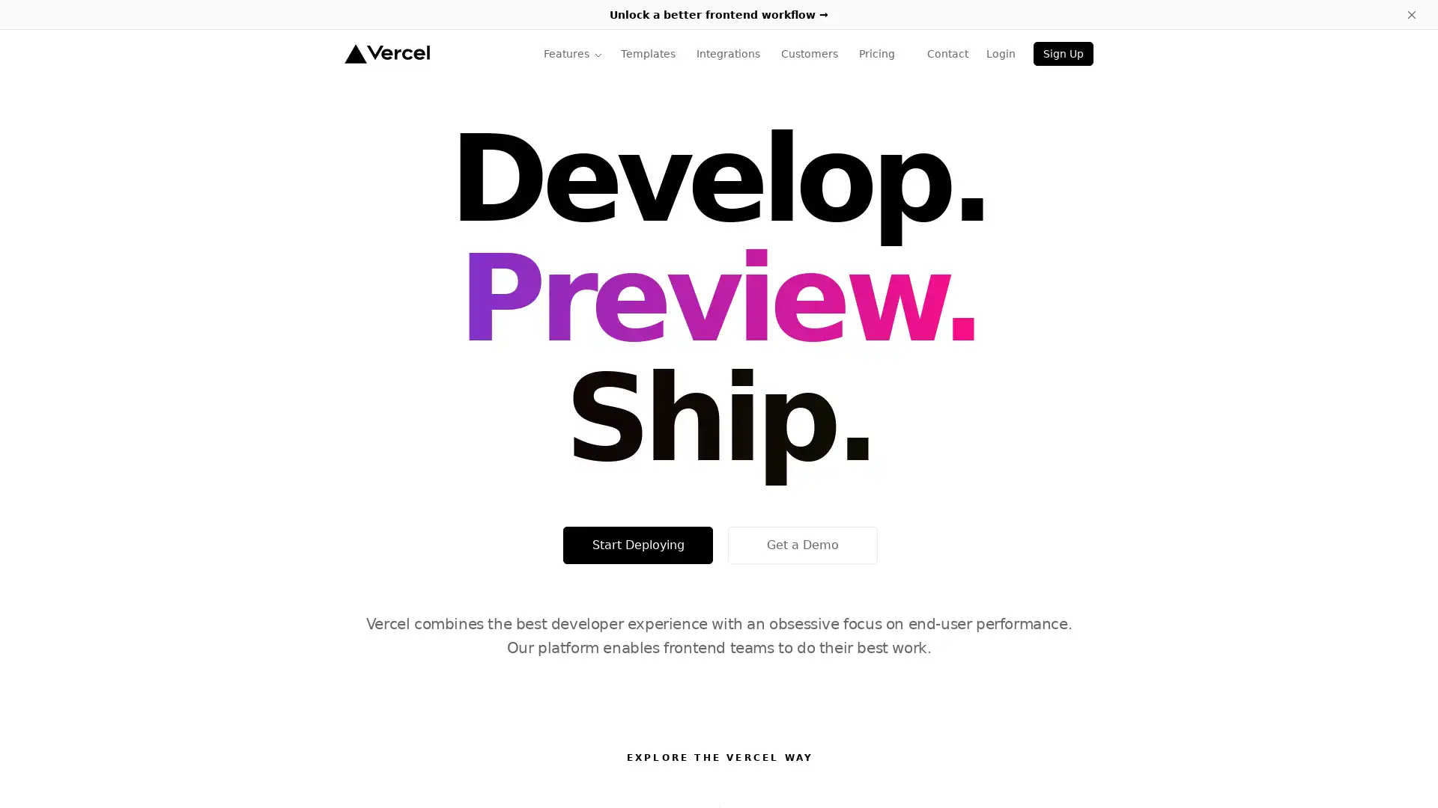 The width and height of the screenshot is (1438, 808). I want to click on Sign Up, so click(1063, 53).